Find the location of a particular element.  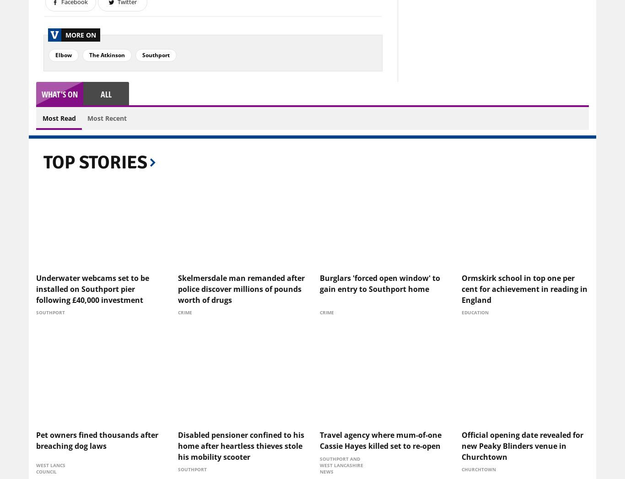

'What's On' is located at coordinates (59, 93).